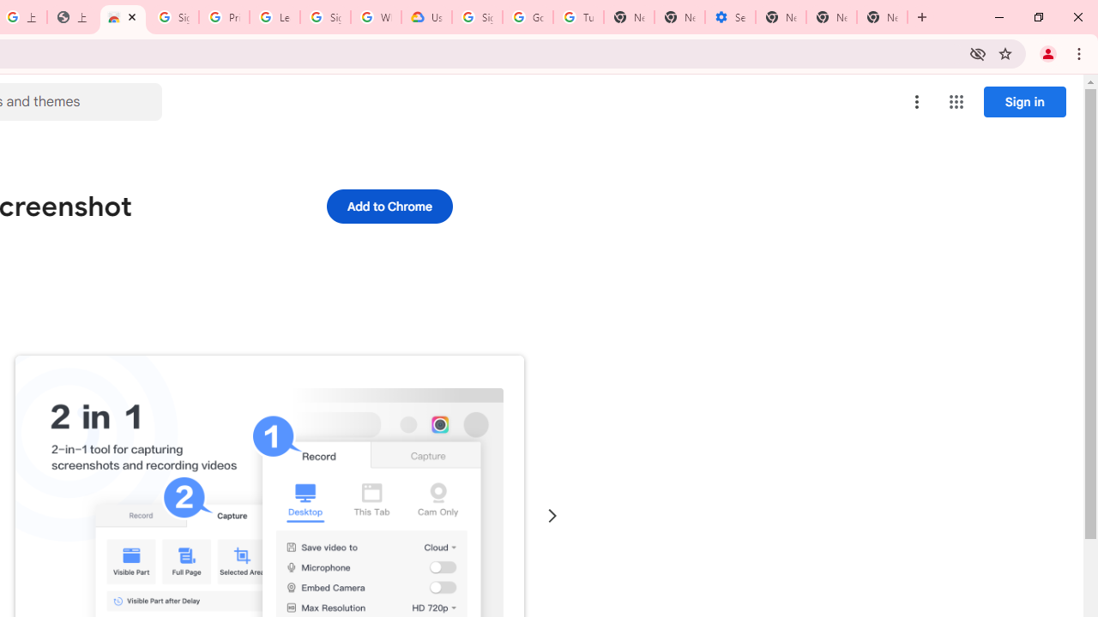 Image resolution: width=1098 pixels, height=617 pixels. I want to click on 'Turn cookies on or off - Computer - Google Account Help', so click(578, 17).